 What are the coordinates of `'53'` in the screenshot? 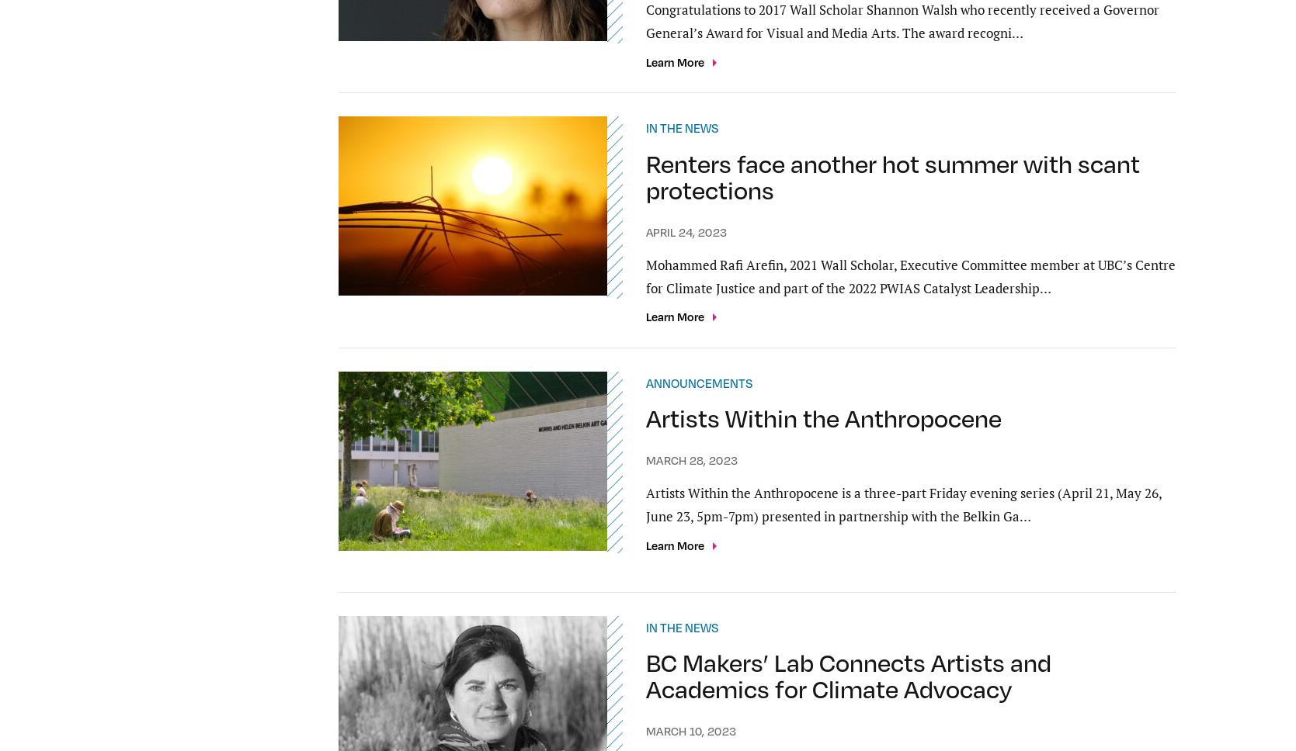 It's located at (672, 517).